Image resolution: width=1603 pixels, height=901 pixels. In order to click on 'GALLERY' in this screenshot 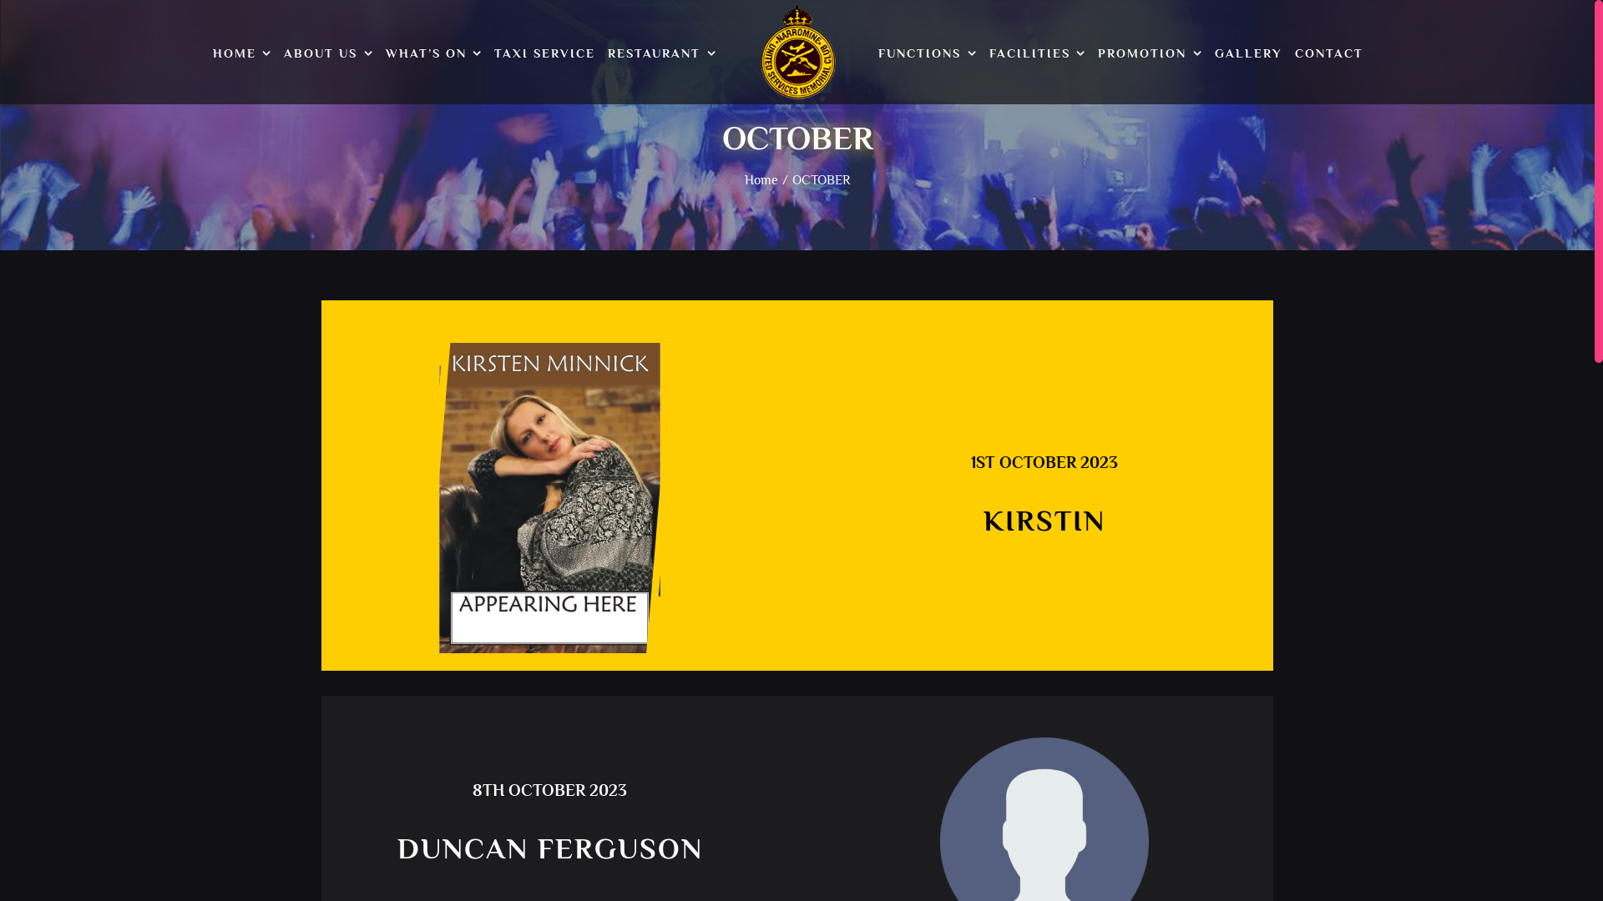, I will do `click(1248, 53)`.